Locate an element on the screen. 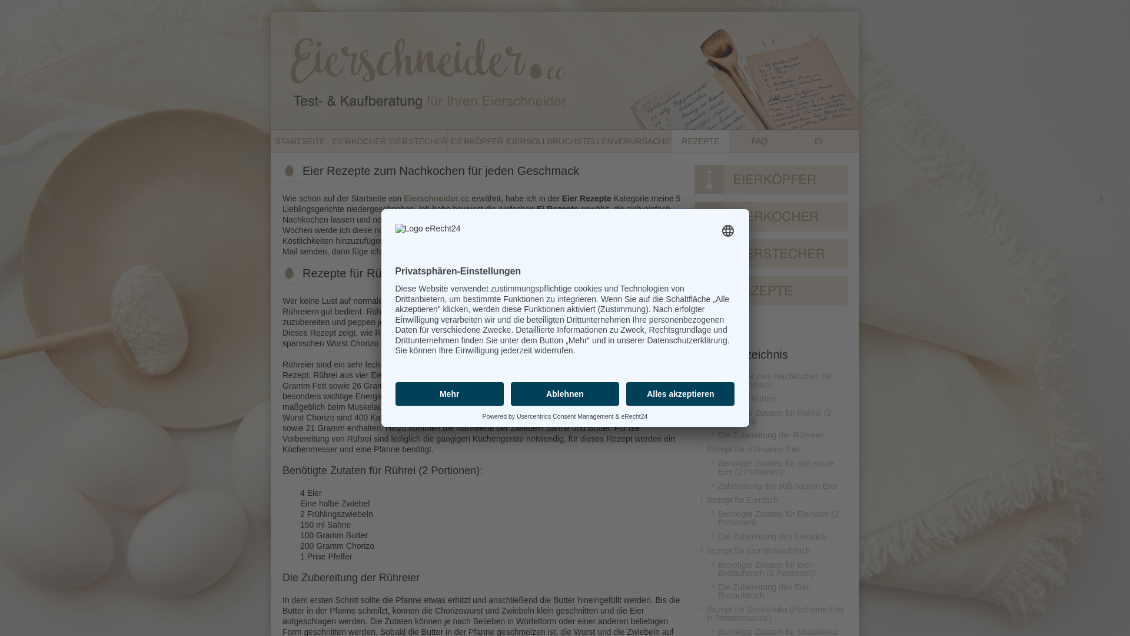  'Eierschneider - Vergleich, Test und Kauf' is located at coordinates (565, 70).